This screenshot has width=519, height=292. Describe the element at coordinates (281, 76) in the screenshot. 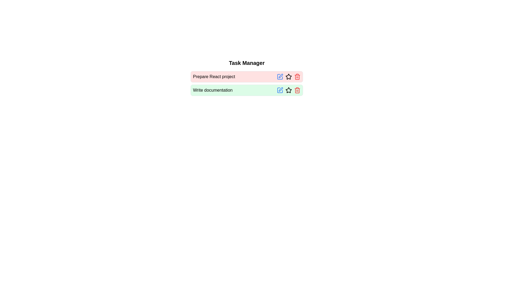

I see `the 'Edit' icon located in the top-left corner of the second action symbol group within the 'Prepare React project' task bar section` at that location.